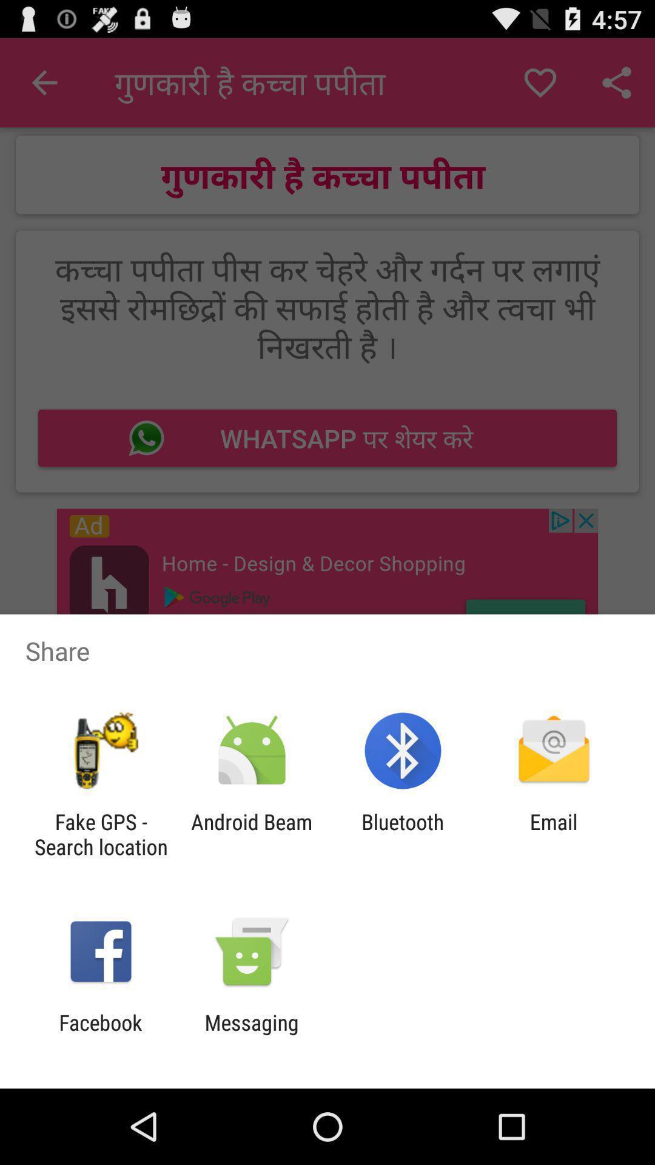 The width and height of the screenshot is (655, 1165). I want to click on messaging app, so click(251, 1035).